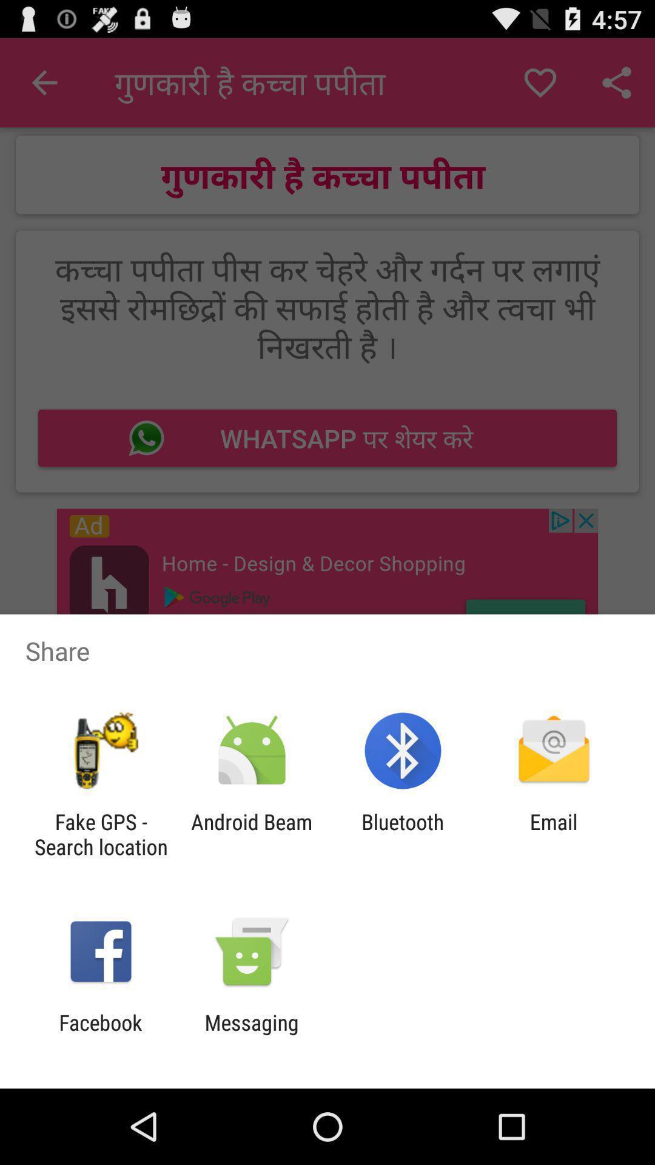 The width and height of the screenshot is (655, 1165). I want to click on messaging app, so click(251, 1035).